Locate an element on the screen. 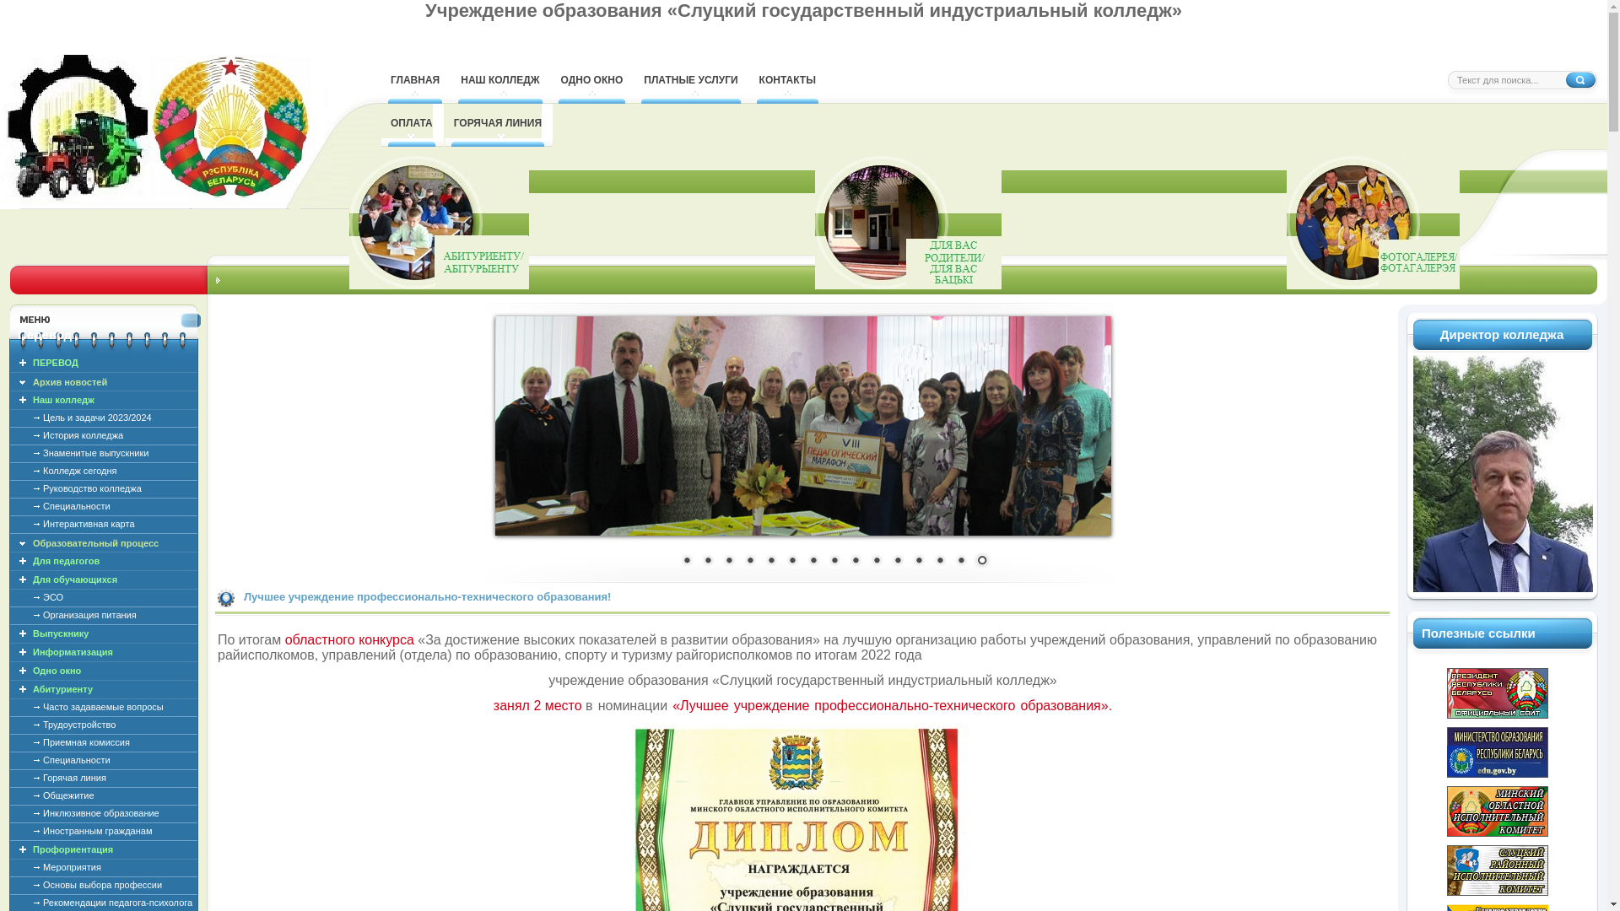 The image size is (1620, 911). '3' is located at coordinates (728, 562).